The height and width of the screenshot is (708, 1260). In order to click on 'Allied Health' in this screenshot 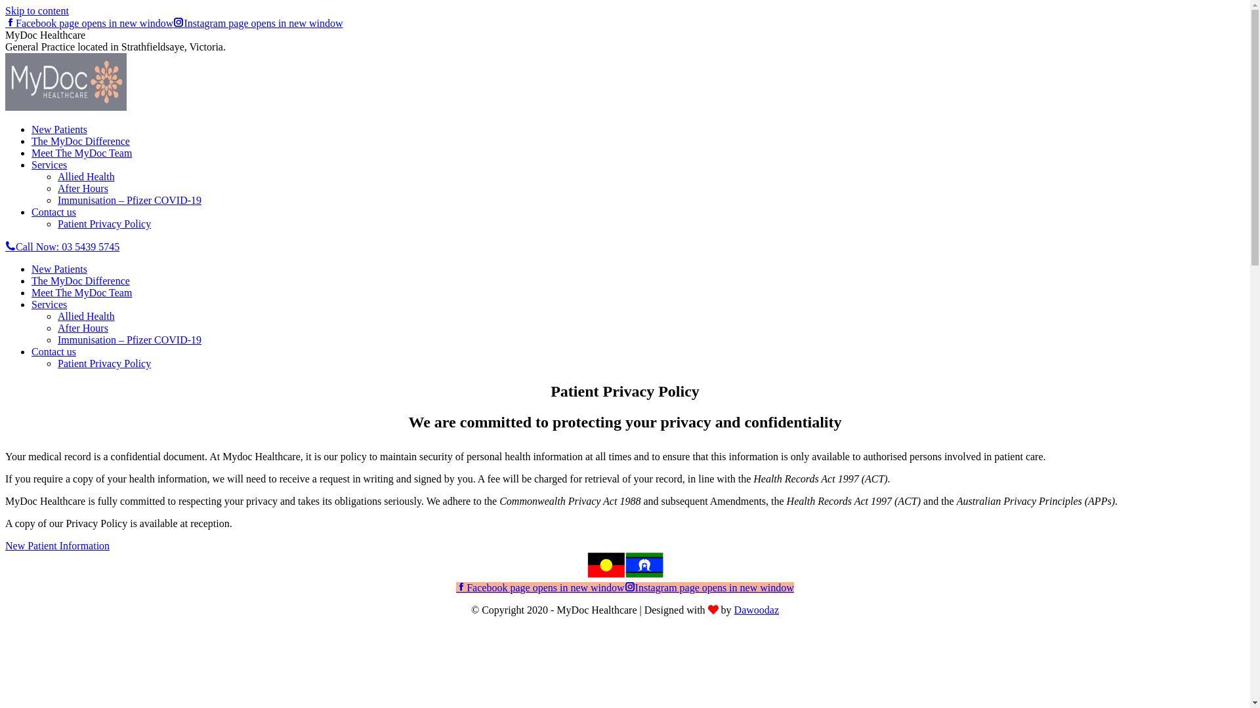, I will do `click(85, 316)`.